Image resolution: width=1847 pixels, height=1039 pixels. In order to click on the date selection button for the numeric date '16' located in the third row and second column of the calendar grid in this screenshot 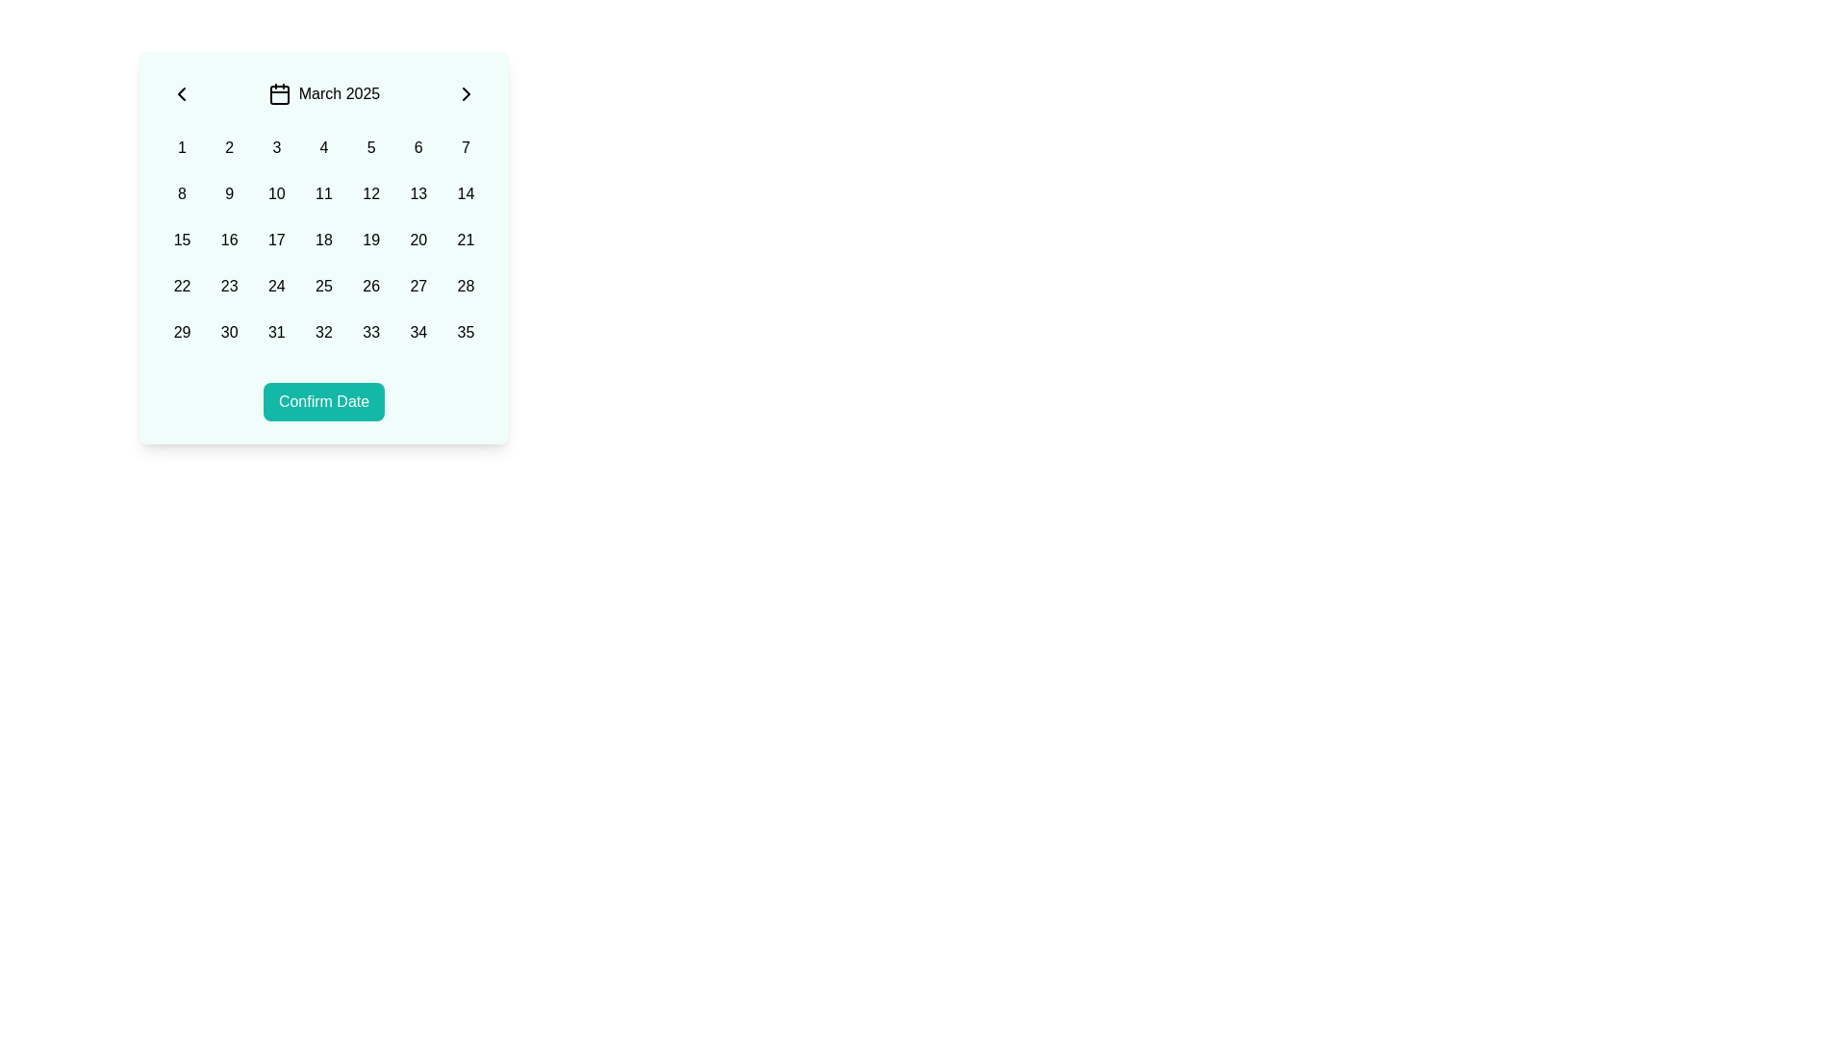, I will do `click(229, 240)`.